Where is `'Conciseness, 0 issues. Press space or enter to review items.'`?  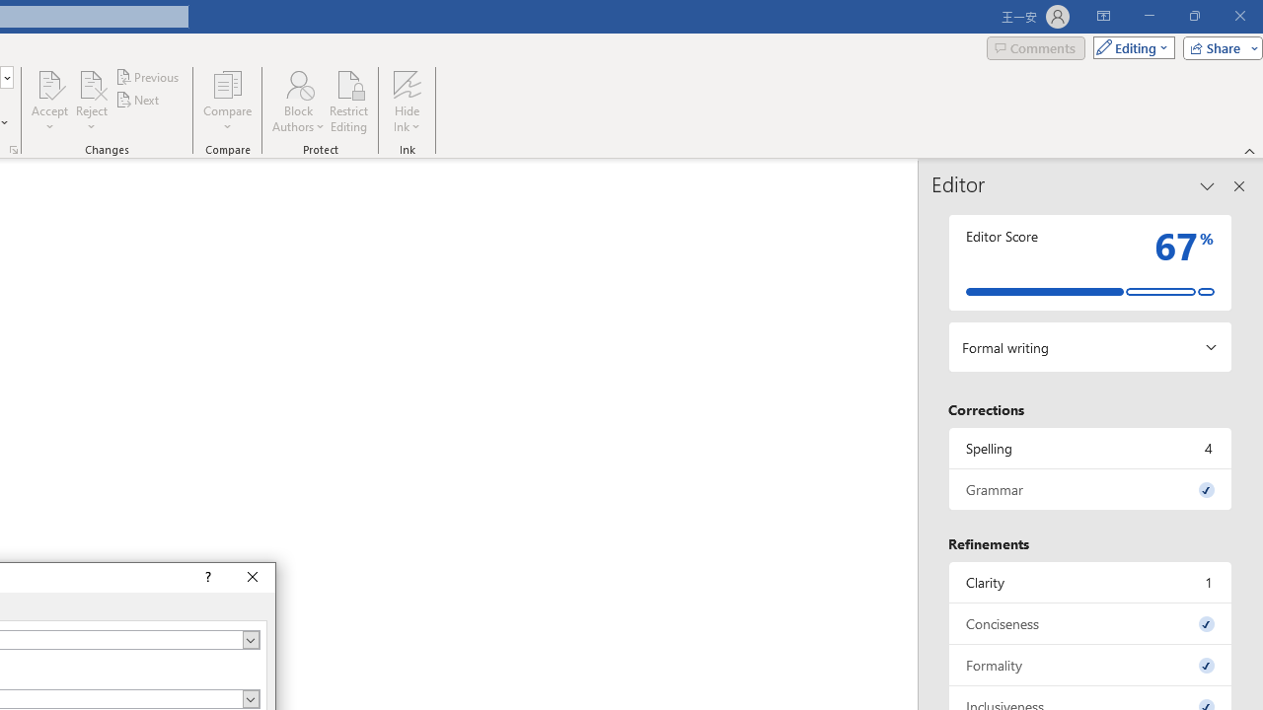
'Conciseness, 0 issues. Press space or enter to review items.' is located at coordinates (1089, 623).